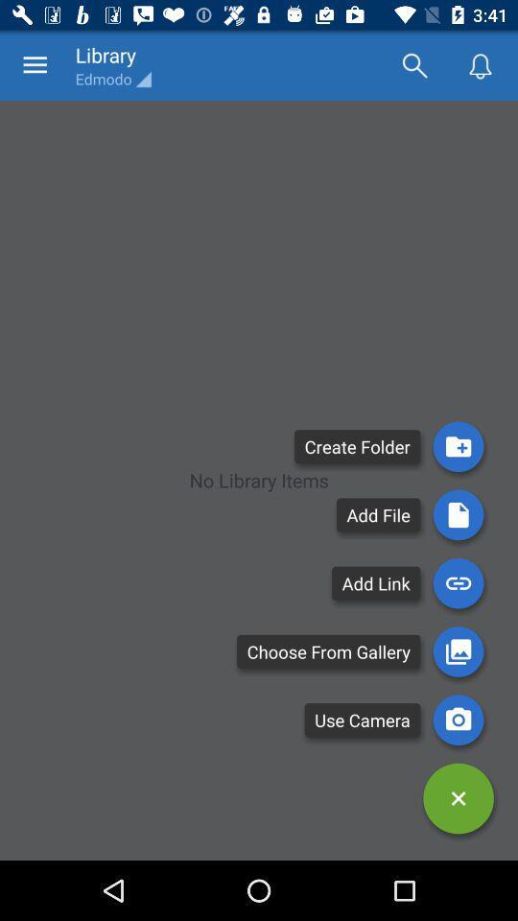  Describe the element at coordinates (458, 514) in the screenshot. I see `file` at that location.